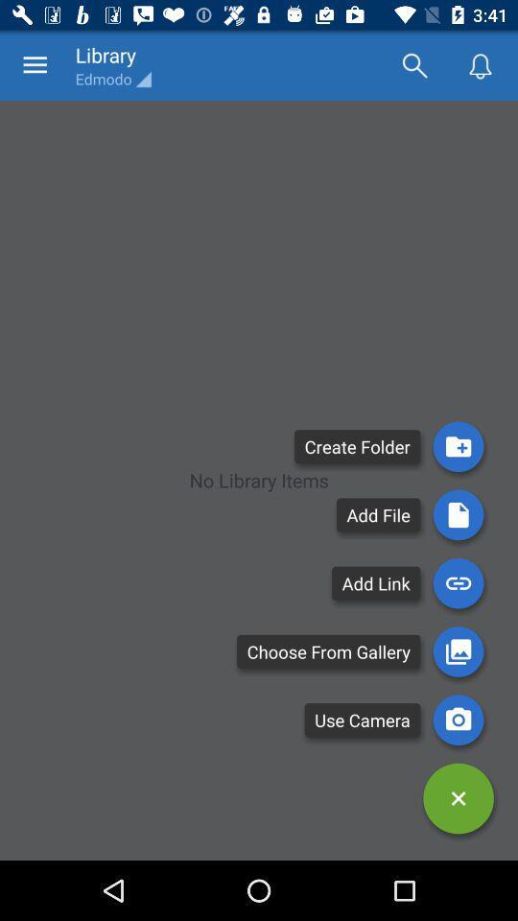  Describe the element at coordinates (458, 514) in the screenshot. I see `file` at that location.